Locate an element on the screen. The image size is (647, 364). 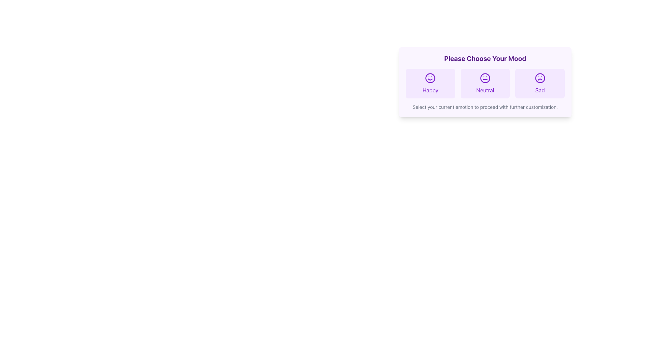
the centered 'Neutral' mood button with a purple outline and background is located at coordinates (485, 83).